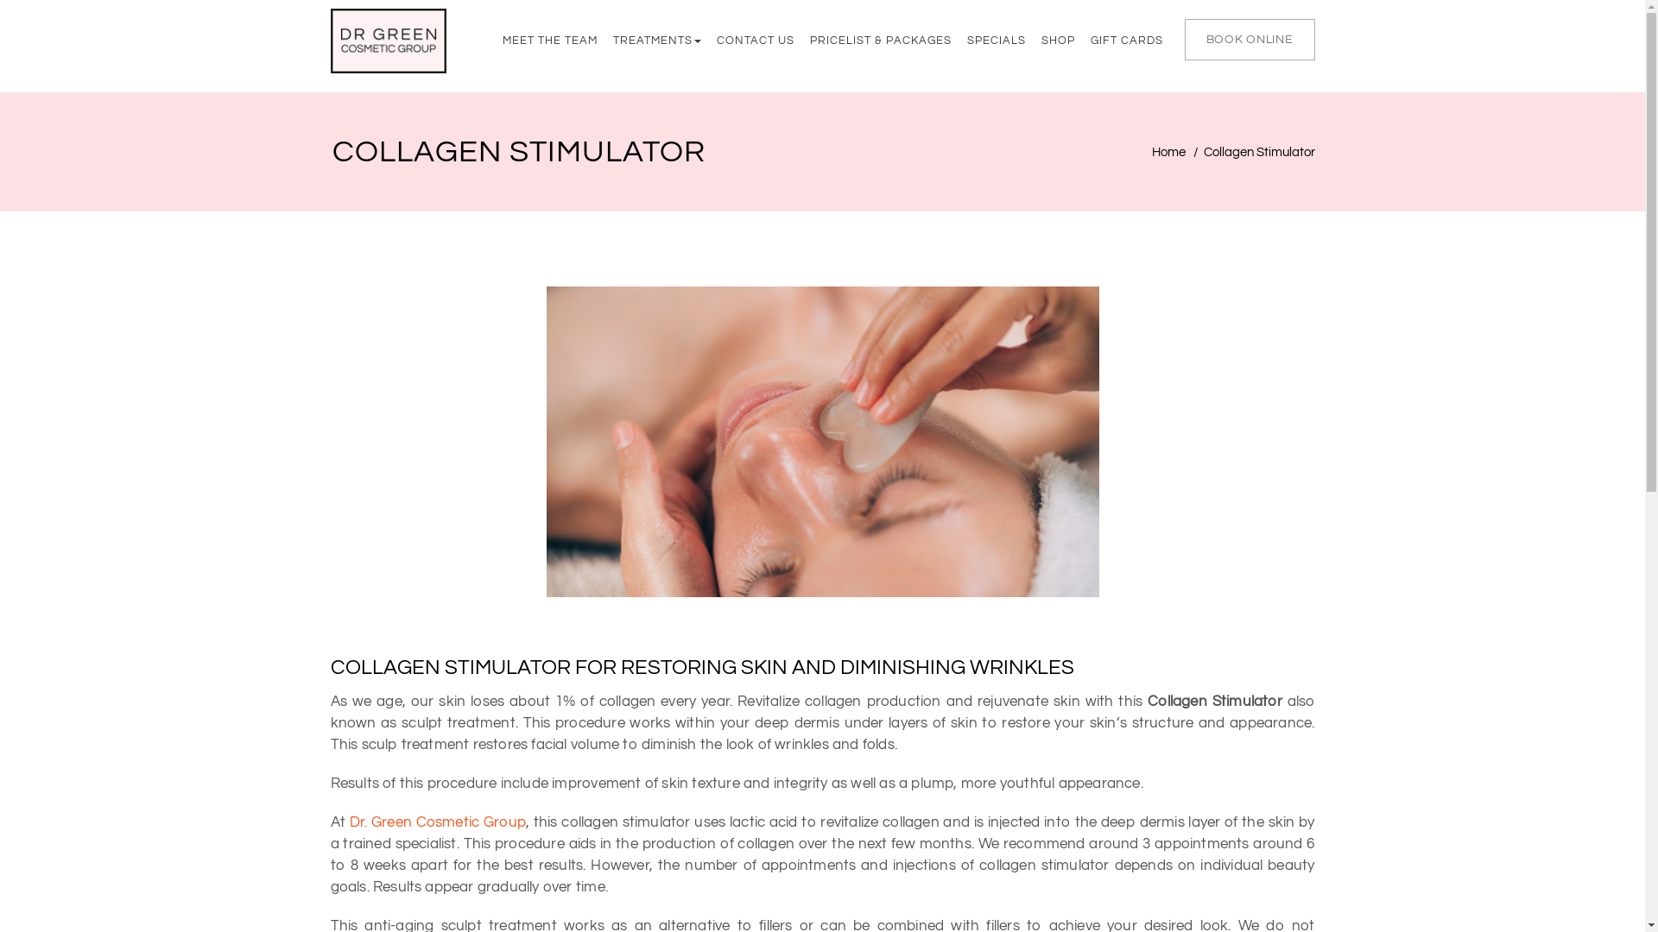  I want to click on 'BOOK ONLINE', so click(1184, 39).